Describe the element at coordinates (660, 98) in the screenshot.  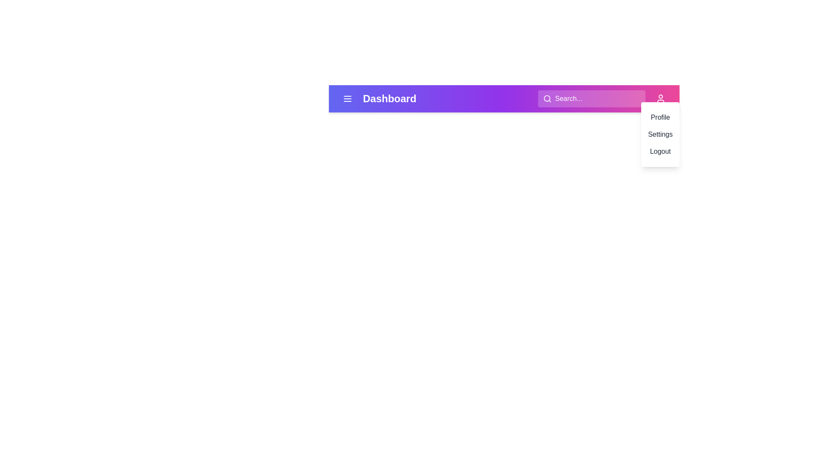
I see `the user menu button to open the menu` at that location.